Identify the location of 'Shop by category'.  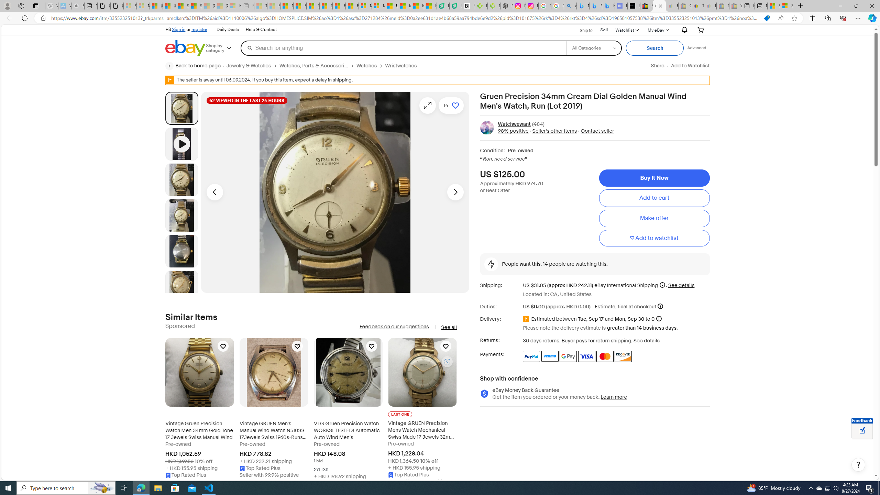
(223, 47).